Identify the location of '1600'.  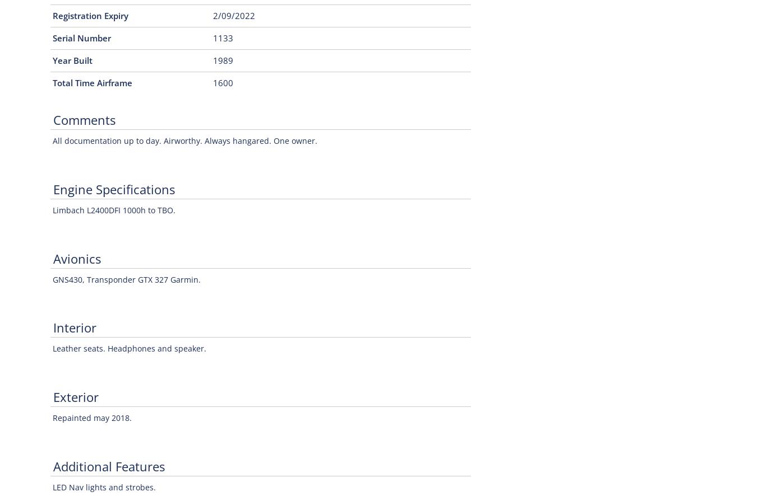
(223, 83).